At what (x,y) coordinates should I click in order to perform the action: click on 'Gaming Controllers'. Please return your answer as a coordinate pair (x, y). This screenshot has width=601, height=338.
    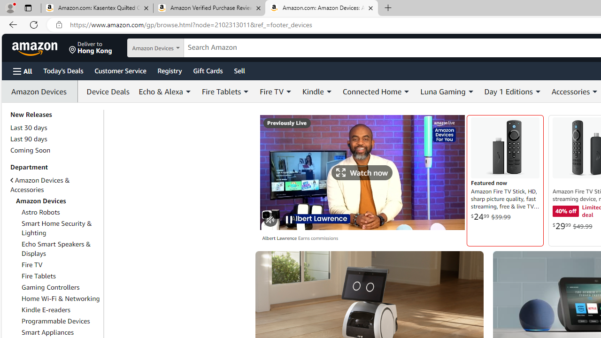
    Looking at the image, I should click on (60, 287).